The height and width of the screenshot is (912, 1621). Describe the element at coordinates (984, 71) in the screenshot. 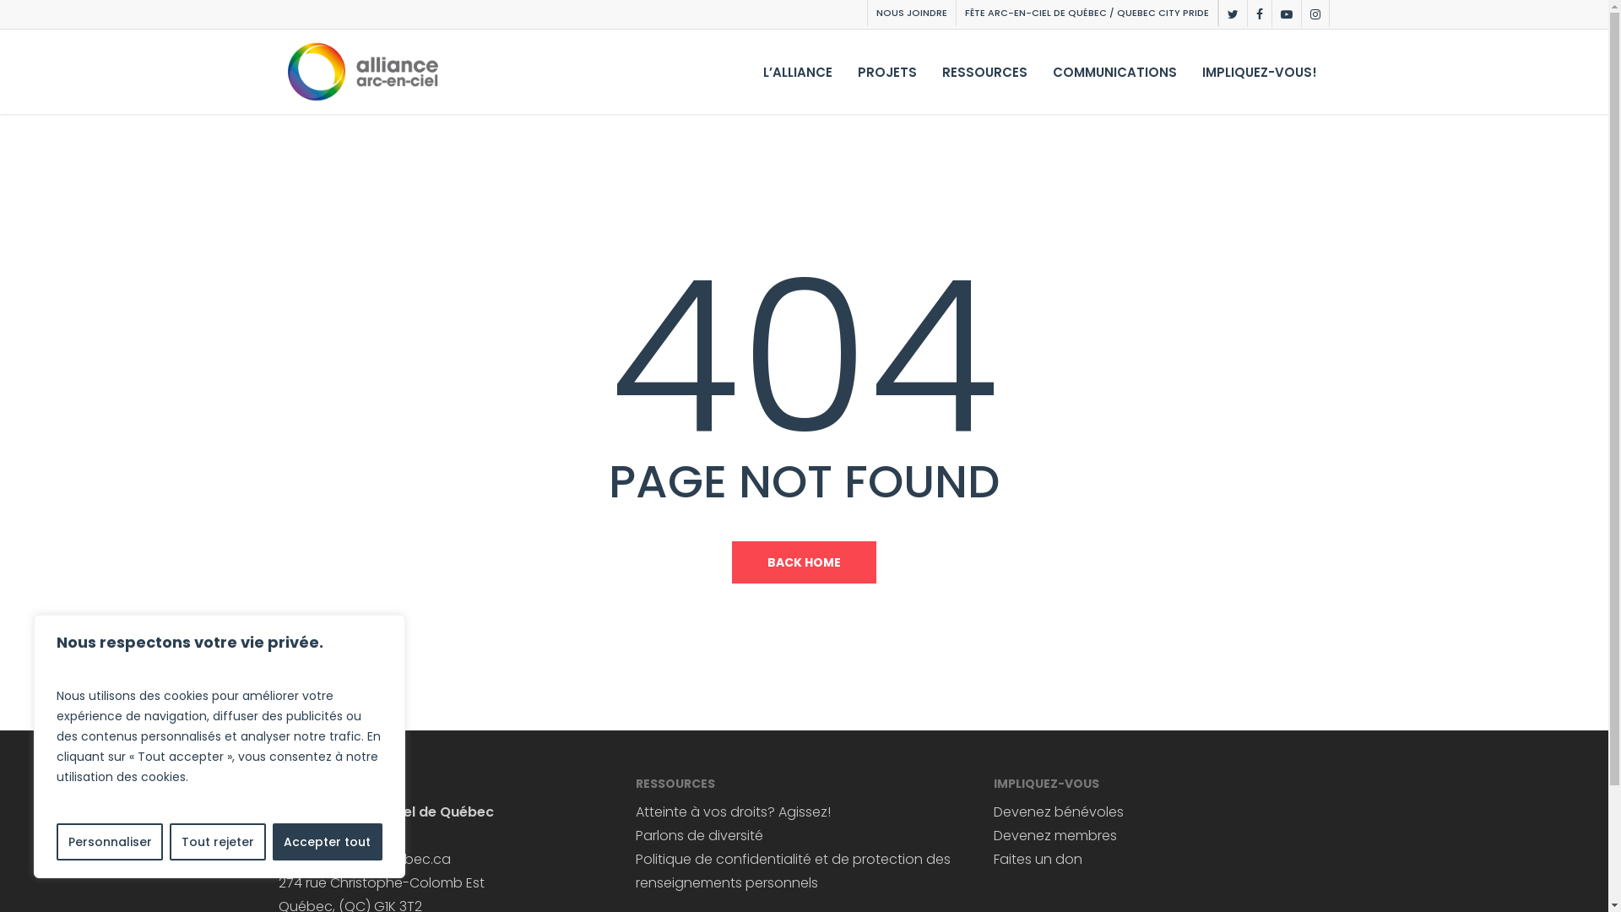

I see `'RESSOURCES'` at that location.